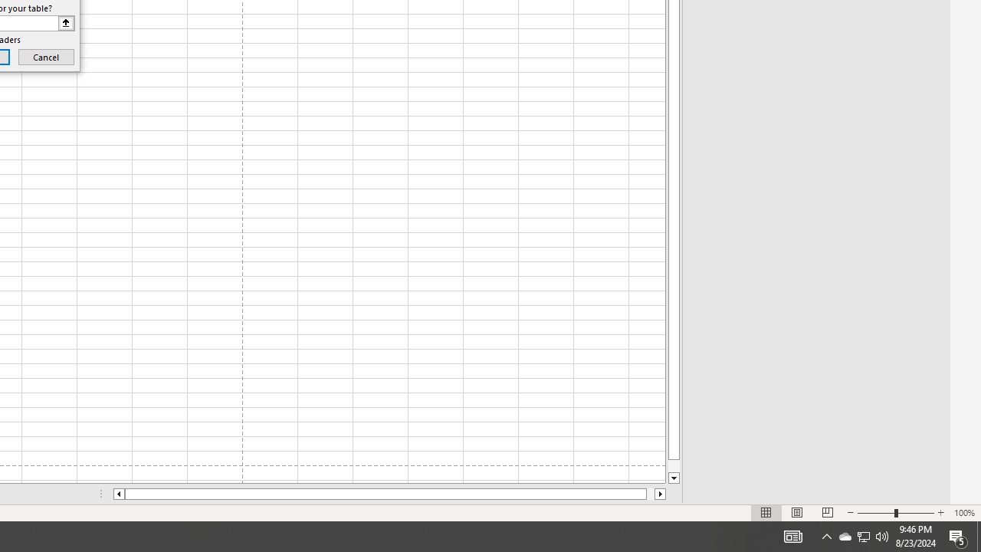 This screenshot has height=552, width=981. What do you see at coordinates (674, 478) in the screenshot?
I see `'Line down'` at bounding box center [674, 478].